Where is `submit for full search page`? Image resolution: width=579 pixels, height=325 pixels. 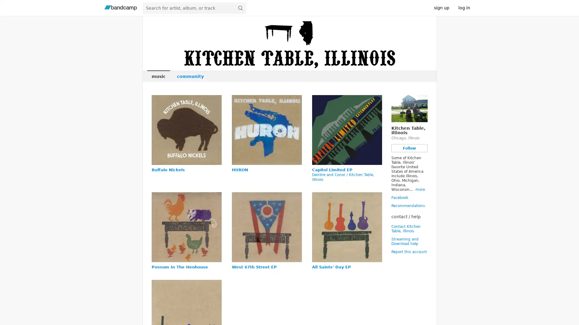 submit for full search page is located at coordinates (240, 8).